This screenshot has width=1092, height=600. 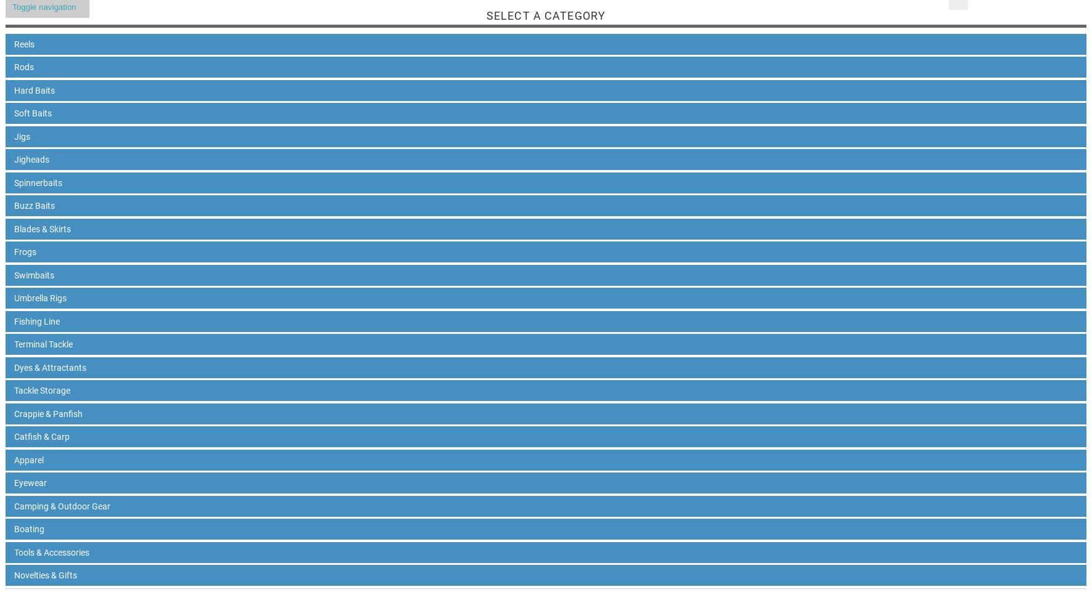 What do you see at coordinates (31, 158) in the screenshot?
I see `'Jigheads'` at bounding box center [31, 158].